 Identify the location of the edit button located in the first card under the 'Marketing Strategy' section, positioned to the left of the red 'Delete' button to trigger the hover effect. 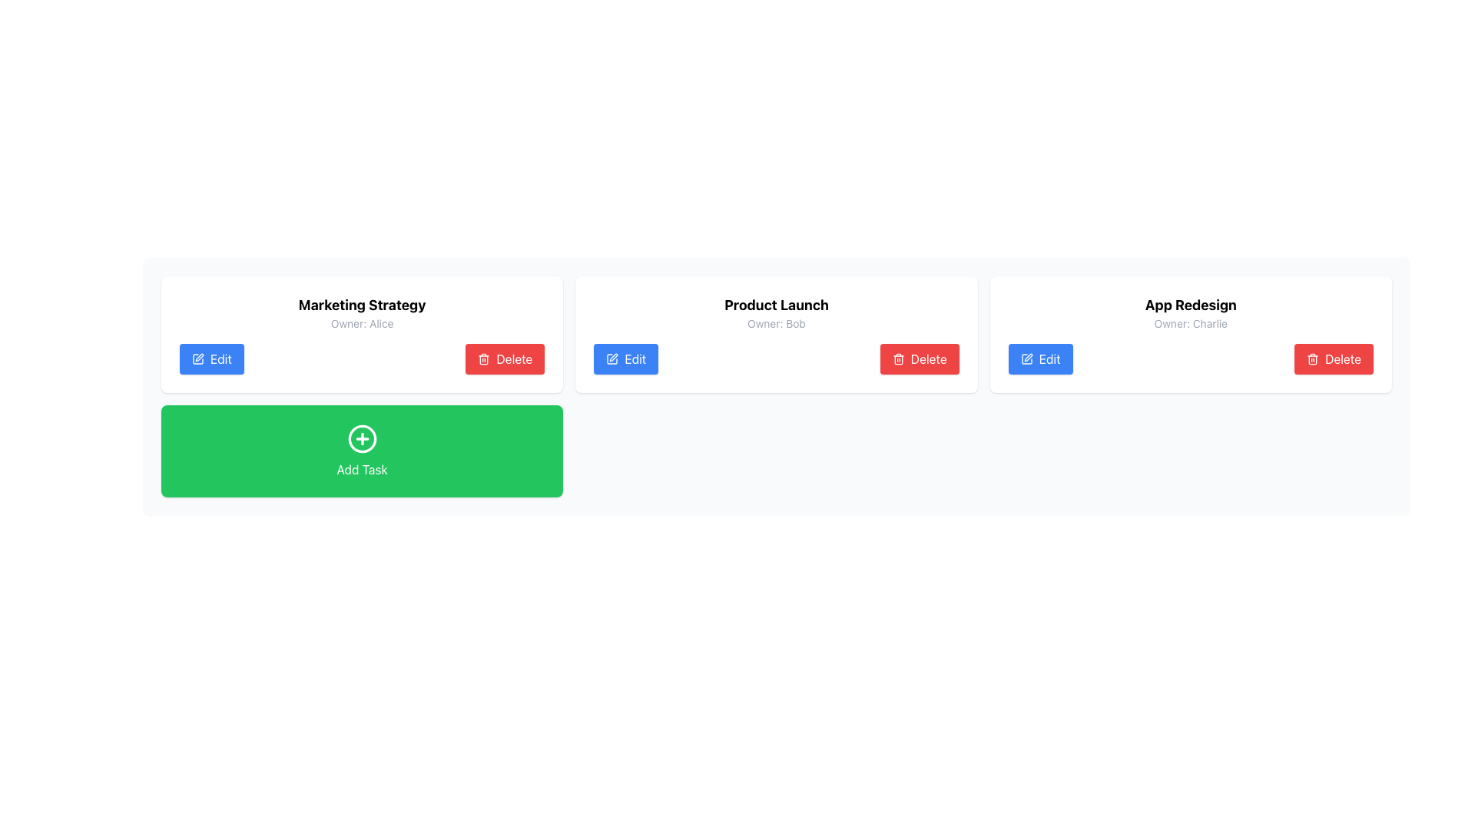
(210, 358).